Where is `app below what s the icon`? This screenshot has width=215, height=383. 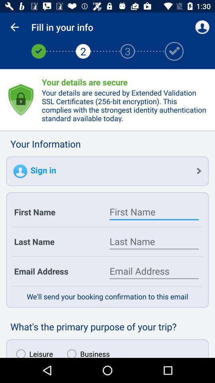
app below what s the icon is located at coordinates (32, 351).